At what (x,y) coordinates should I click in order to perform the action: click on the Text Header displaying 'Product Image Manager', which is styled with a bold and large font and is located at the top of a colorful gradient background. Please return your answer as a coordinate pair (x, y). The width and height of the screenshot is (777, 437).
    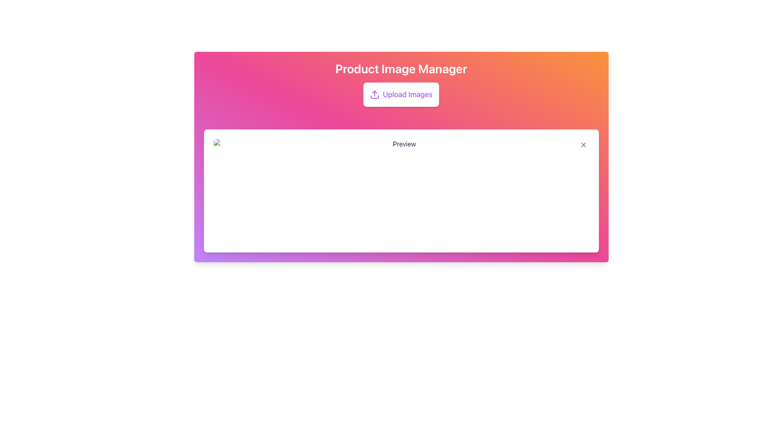
    Looking at the image, I should click on (401, 68).